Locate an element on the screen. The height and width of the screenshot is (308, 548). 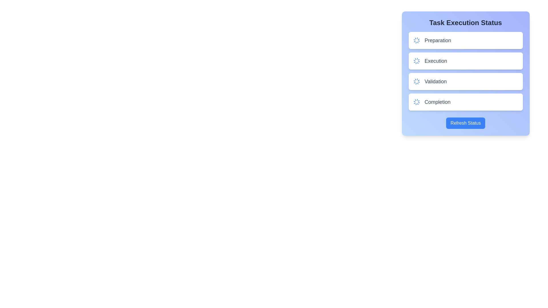
the blue circular animated spinner indicating a loading state, located at the bottommost 'Completion' section in the task list is located at coordinates (416, 102).